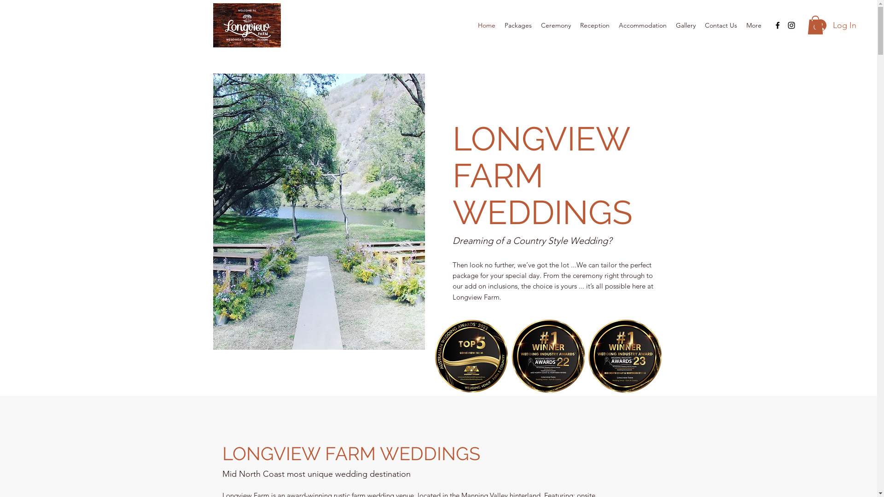 The width and height of the screenshot is (884, 497). I want to click on 'Log In', so click(835, 24).